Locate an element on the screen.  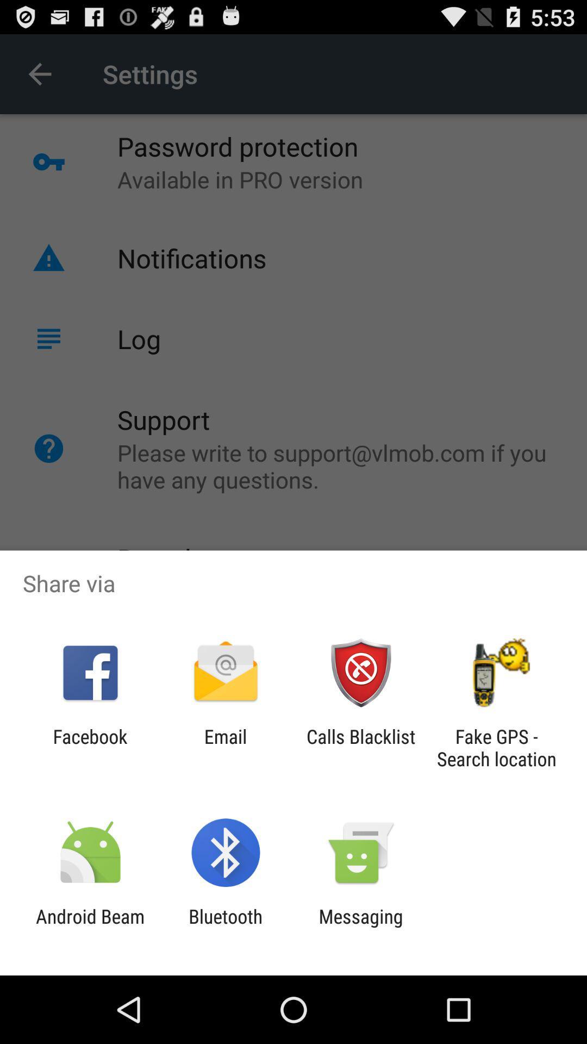
calls blacklist icon is located at coordinates (361, 747).